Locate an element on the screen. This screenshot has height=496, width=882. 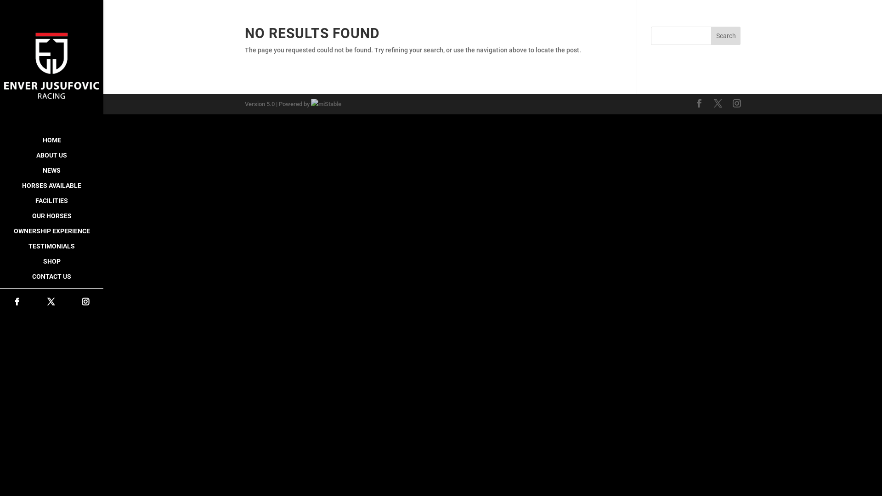
'SOCIAL' is located at coordinates (51, 292).